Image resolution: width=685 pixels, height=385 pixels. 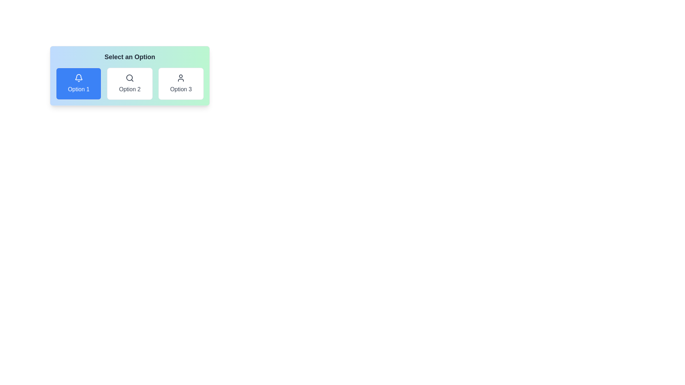 What do you see at coordinates (78, 78) in the screenshot?
I see `the bell icon within the button labeled 'Option 1', which is the leftmost button in a group of three options` at bounding box center [78, 78].